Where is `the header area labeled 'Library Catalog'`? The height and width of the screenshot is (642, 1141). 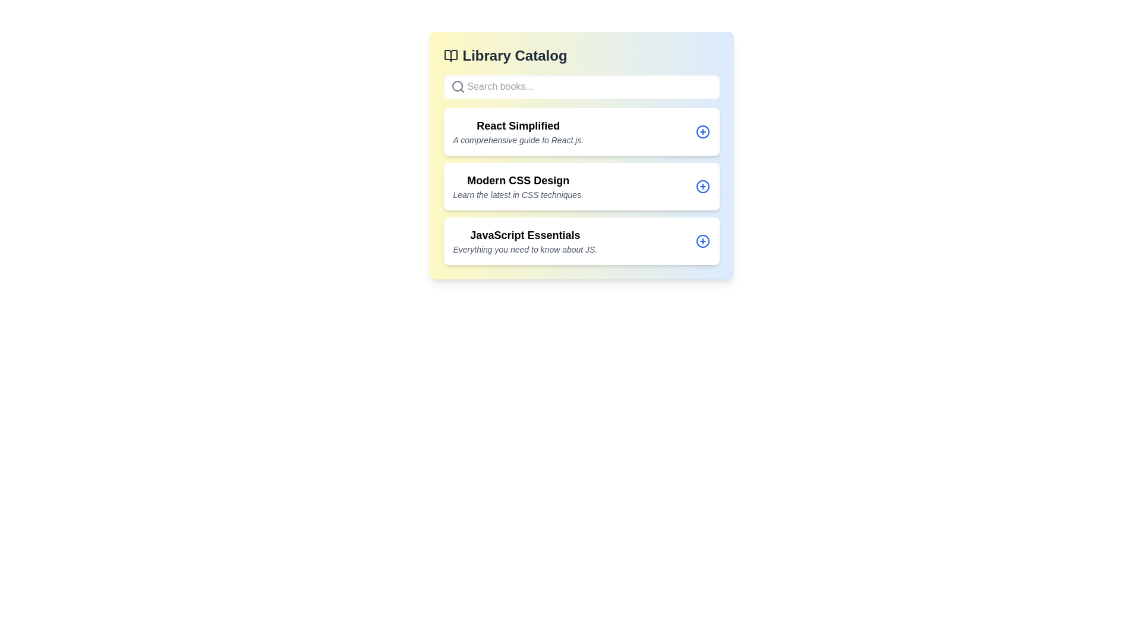 the header area labeled 'Library Catalog' is located at coordinates (581, 55).